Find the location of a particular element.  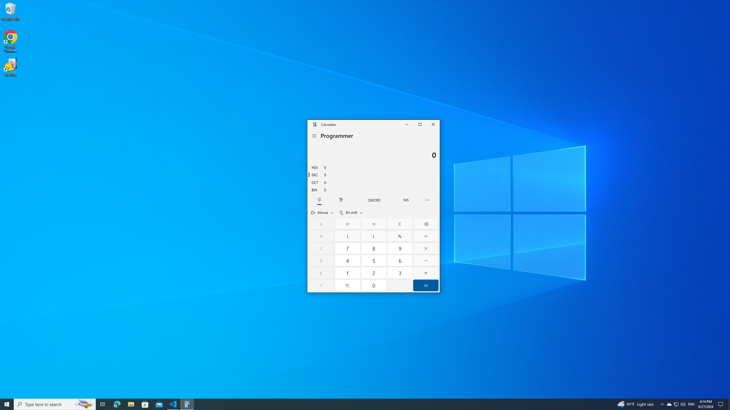

'Five' is located at coordinates (374, 261).